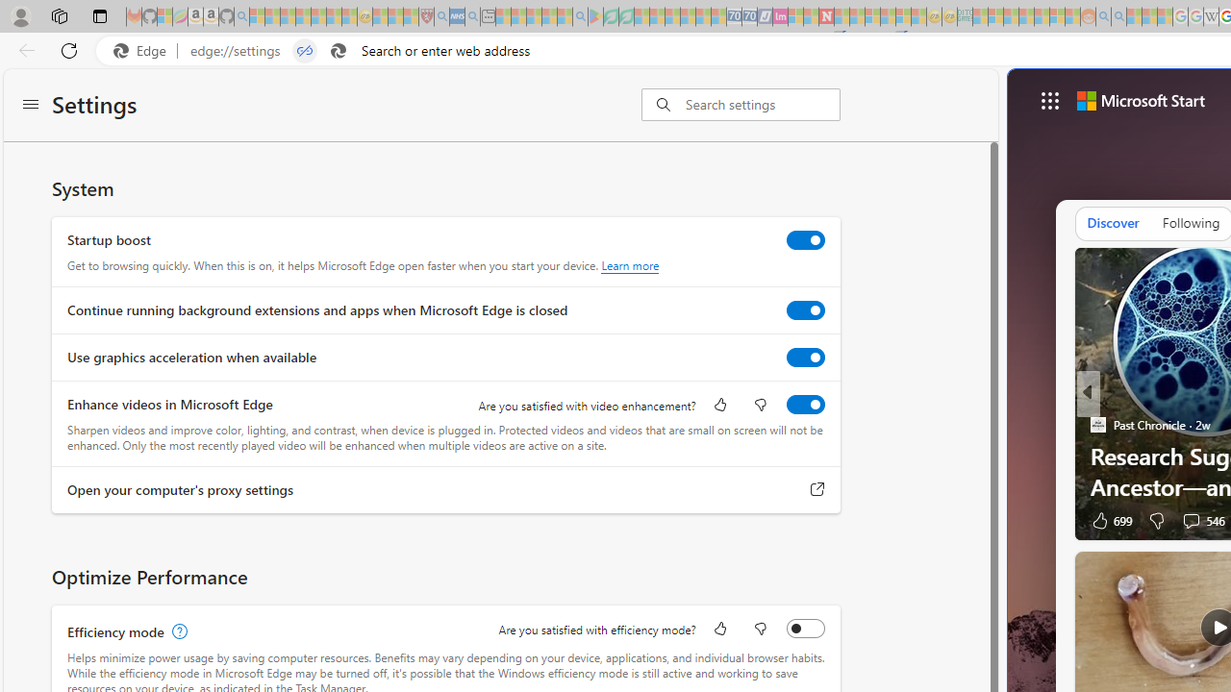 The width and height of the screenshot is (1231, 692). I want to click on 'Pets - MSN - Sleeping', so click(548, 16).